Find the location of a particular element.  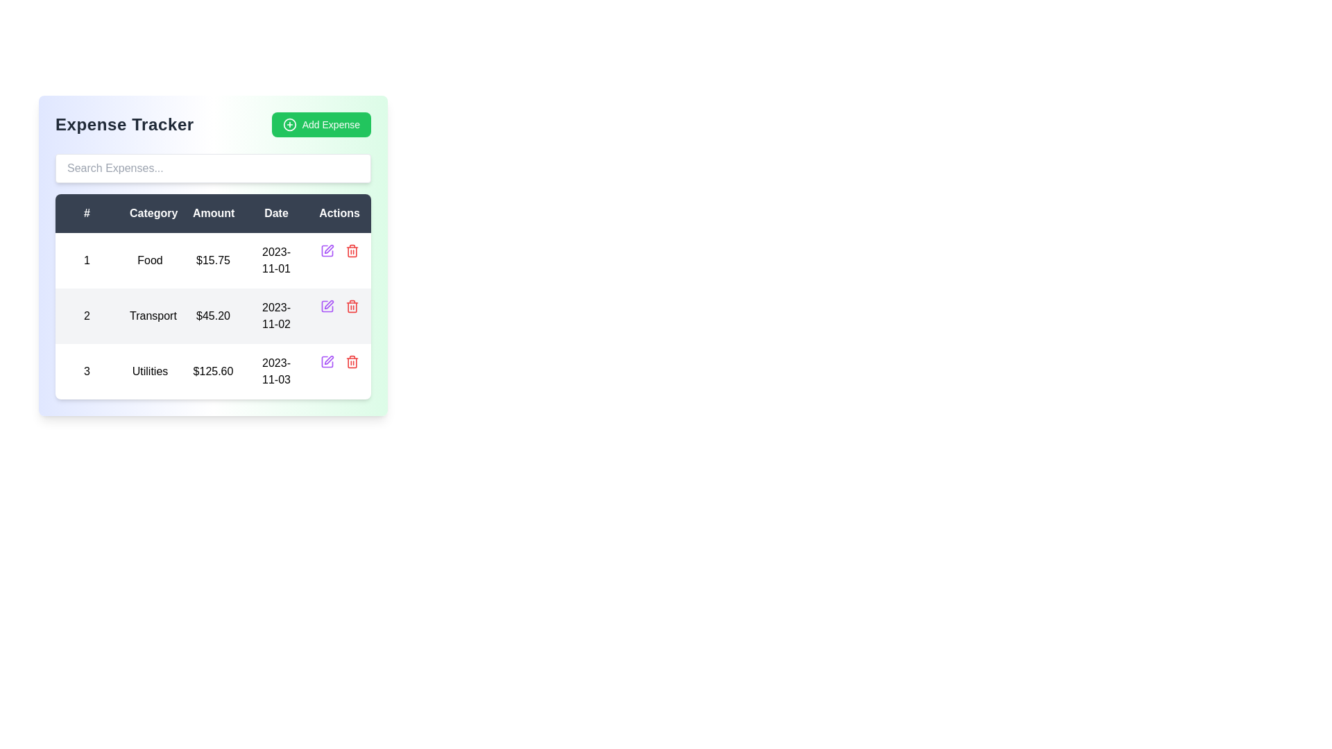

the text label in the first cell of the first row of the table, which represents the index or order of this entry under the '#' column is located at coordinates (86, 260).